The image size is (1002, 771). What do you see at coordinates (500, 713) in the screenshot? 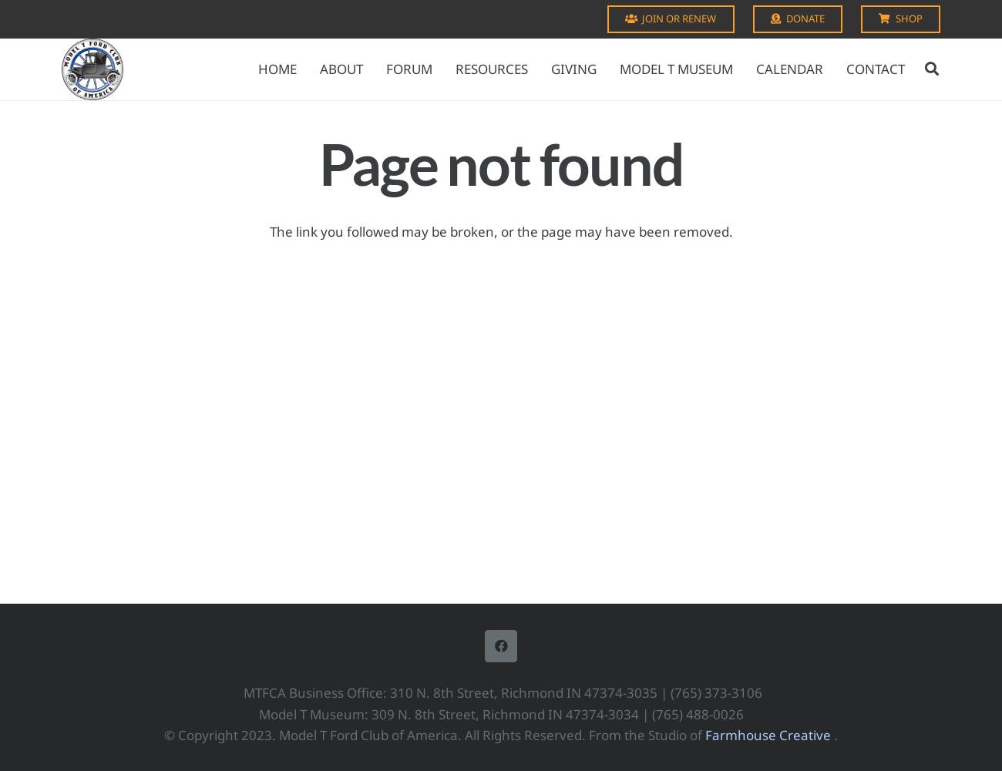
I see `'Model T Museum: 309 N. 8th Street, Richmond IN 47374-3034 | (765) 488-0026'` at bounding box center [500, 713].